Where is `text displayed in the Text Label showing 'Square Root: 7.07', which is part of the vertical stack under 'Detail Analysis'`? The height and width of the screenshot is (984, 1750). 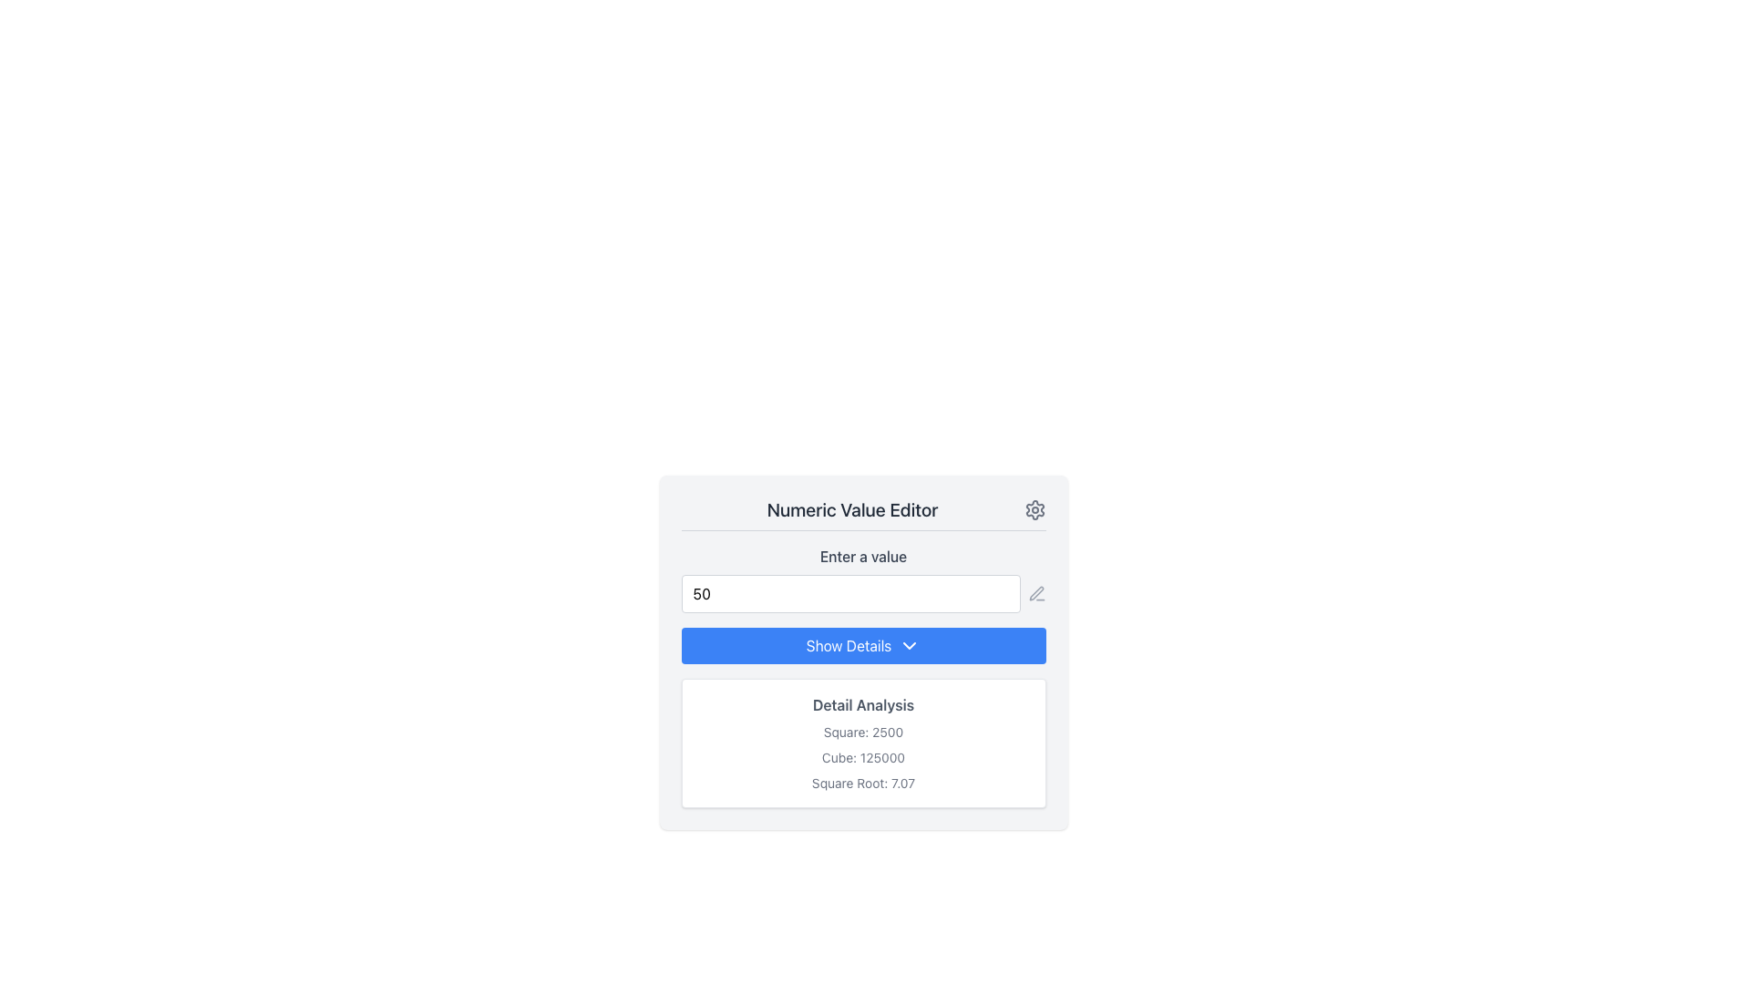 text displayed in the Text Label showing 'Square Root: 7.07', which is part of the vertical stack under 'Detail Analysis' is located at coordinates (862, 783).